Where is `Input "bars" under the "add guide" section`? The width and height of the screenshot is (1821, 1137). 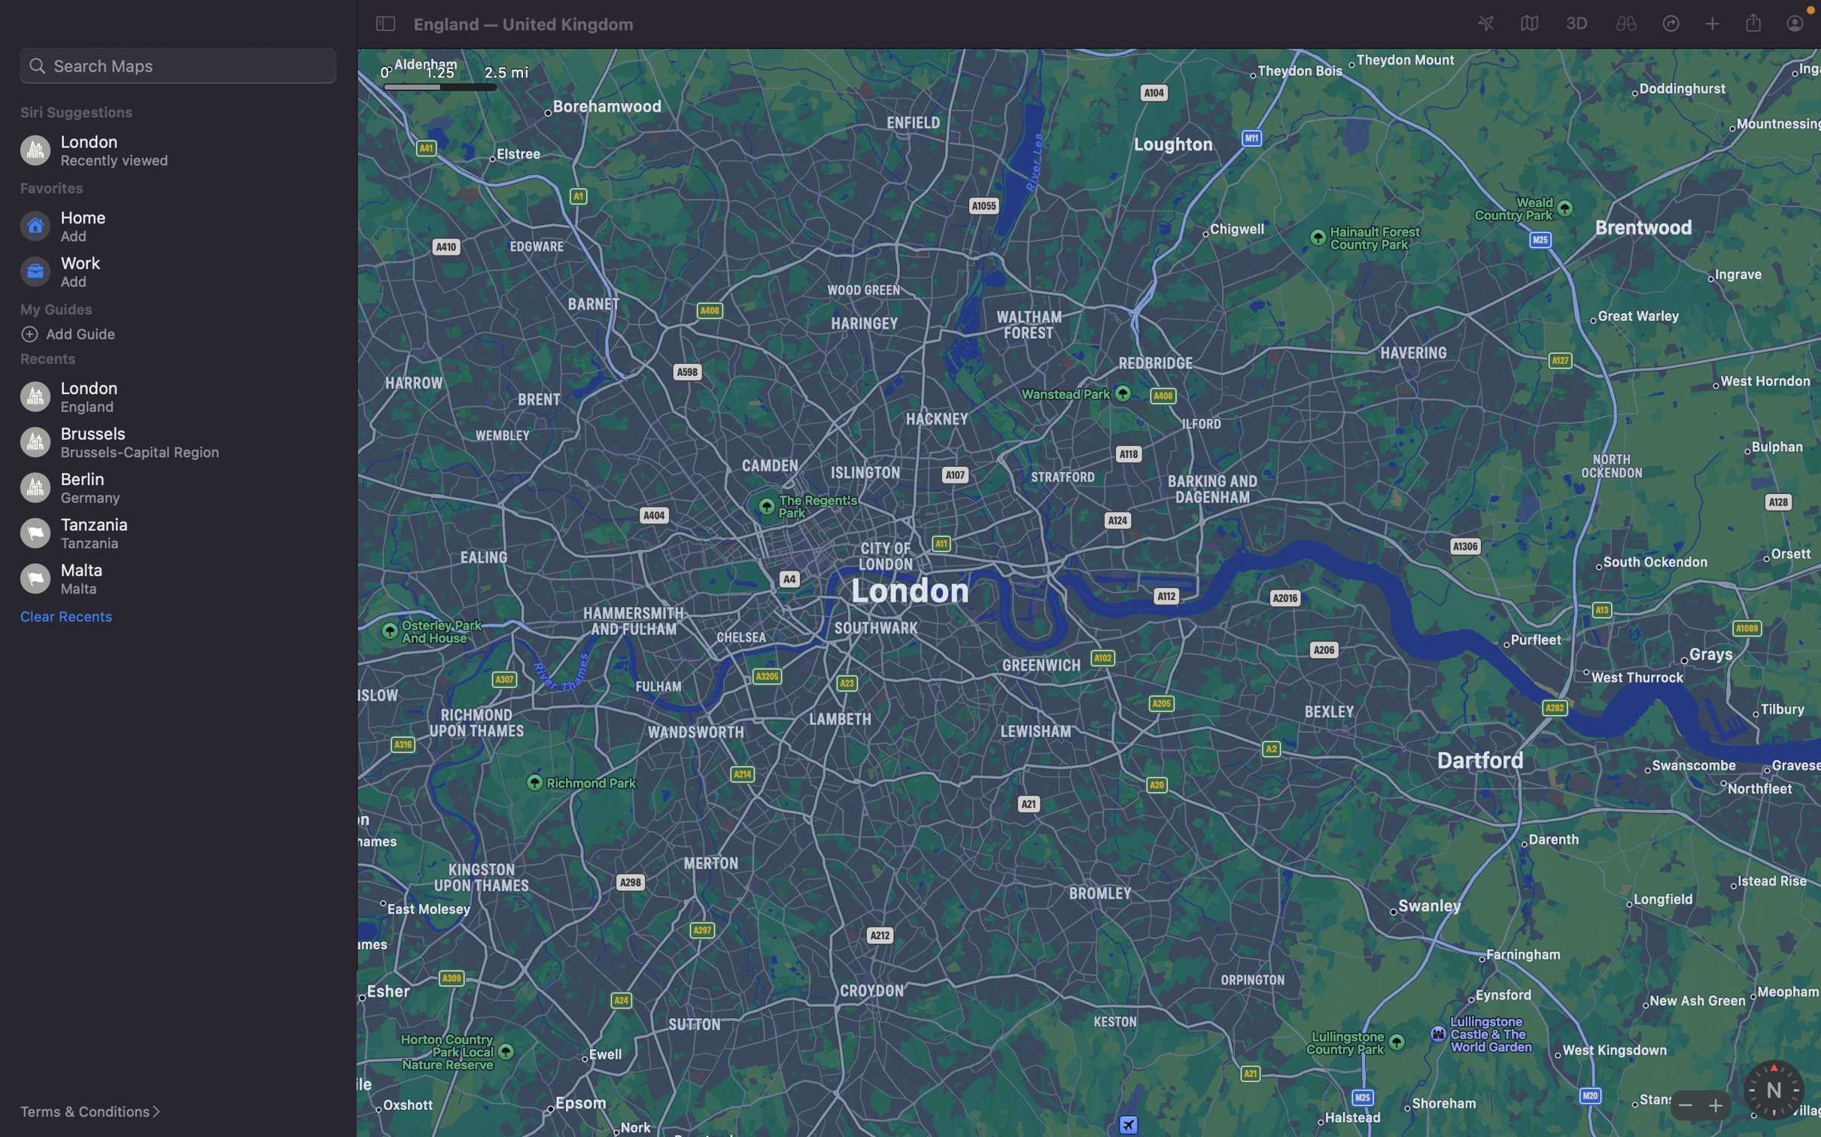
Input "bars" under the "add guide" section is located at coordinates (184, 333).